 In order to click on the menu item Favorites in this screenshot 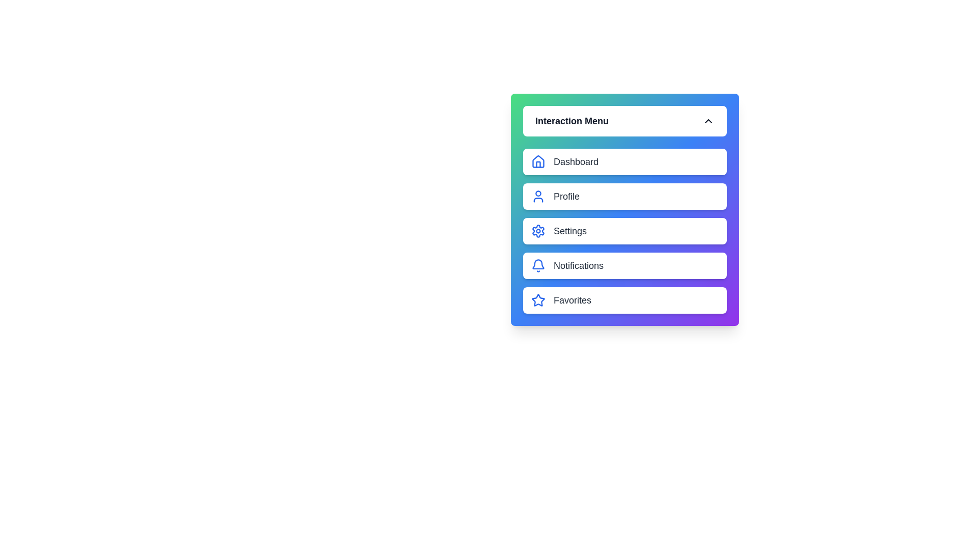, I will do `click(624, 300)`.